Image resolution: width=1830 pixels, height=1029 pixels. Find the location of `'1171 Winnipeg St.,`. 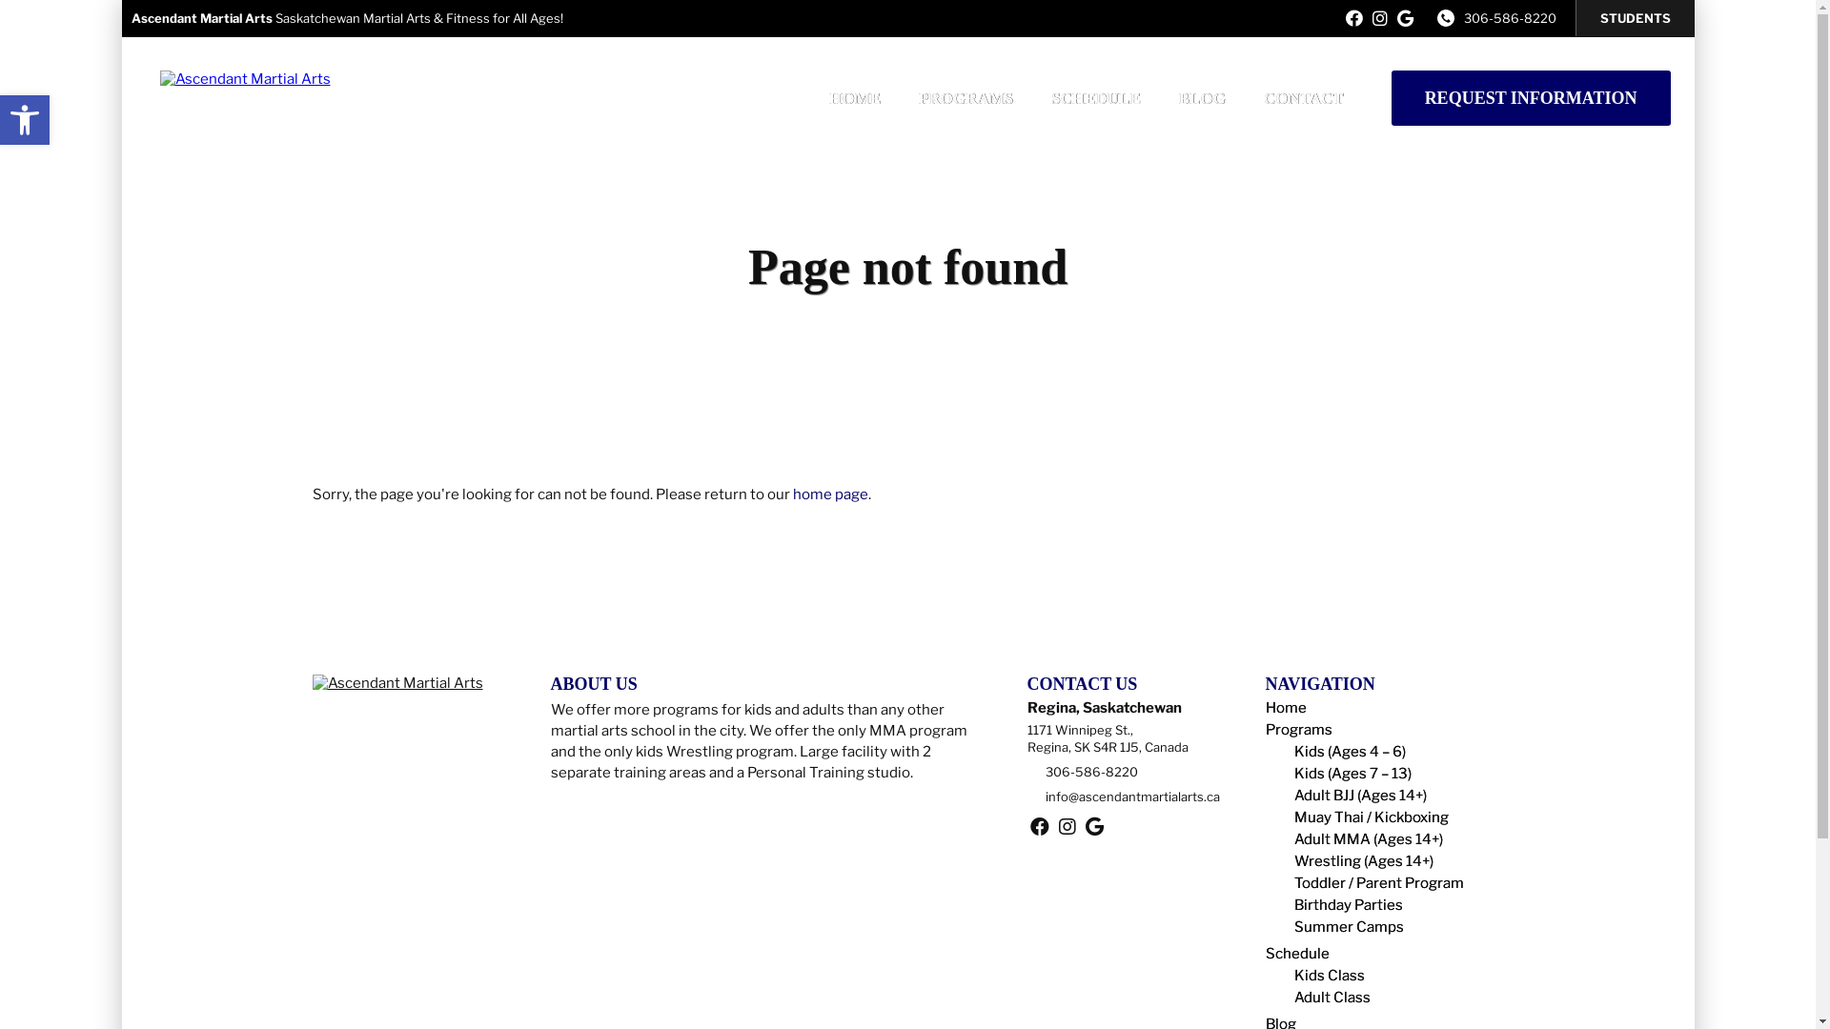

'1171 Winnipeg St., is located at coordinates (1108, 737).